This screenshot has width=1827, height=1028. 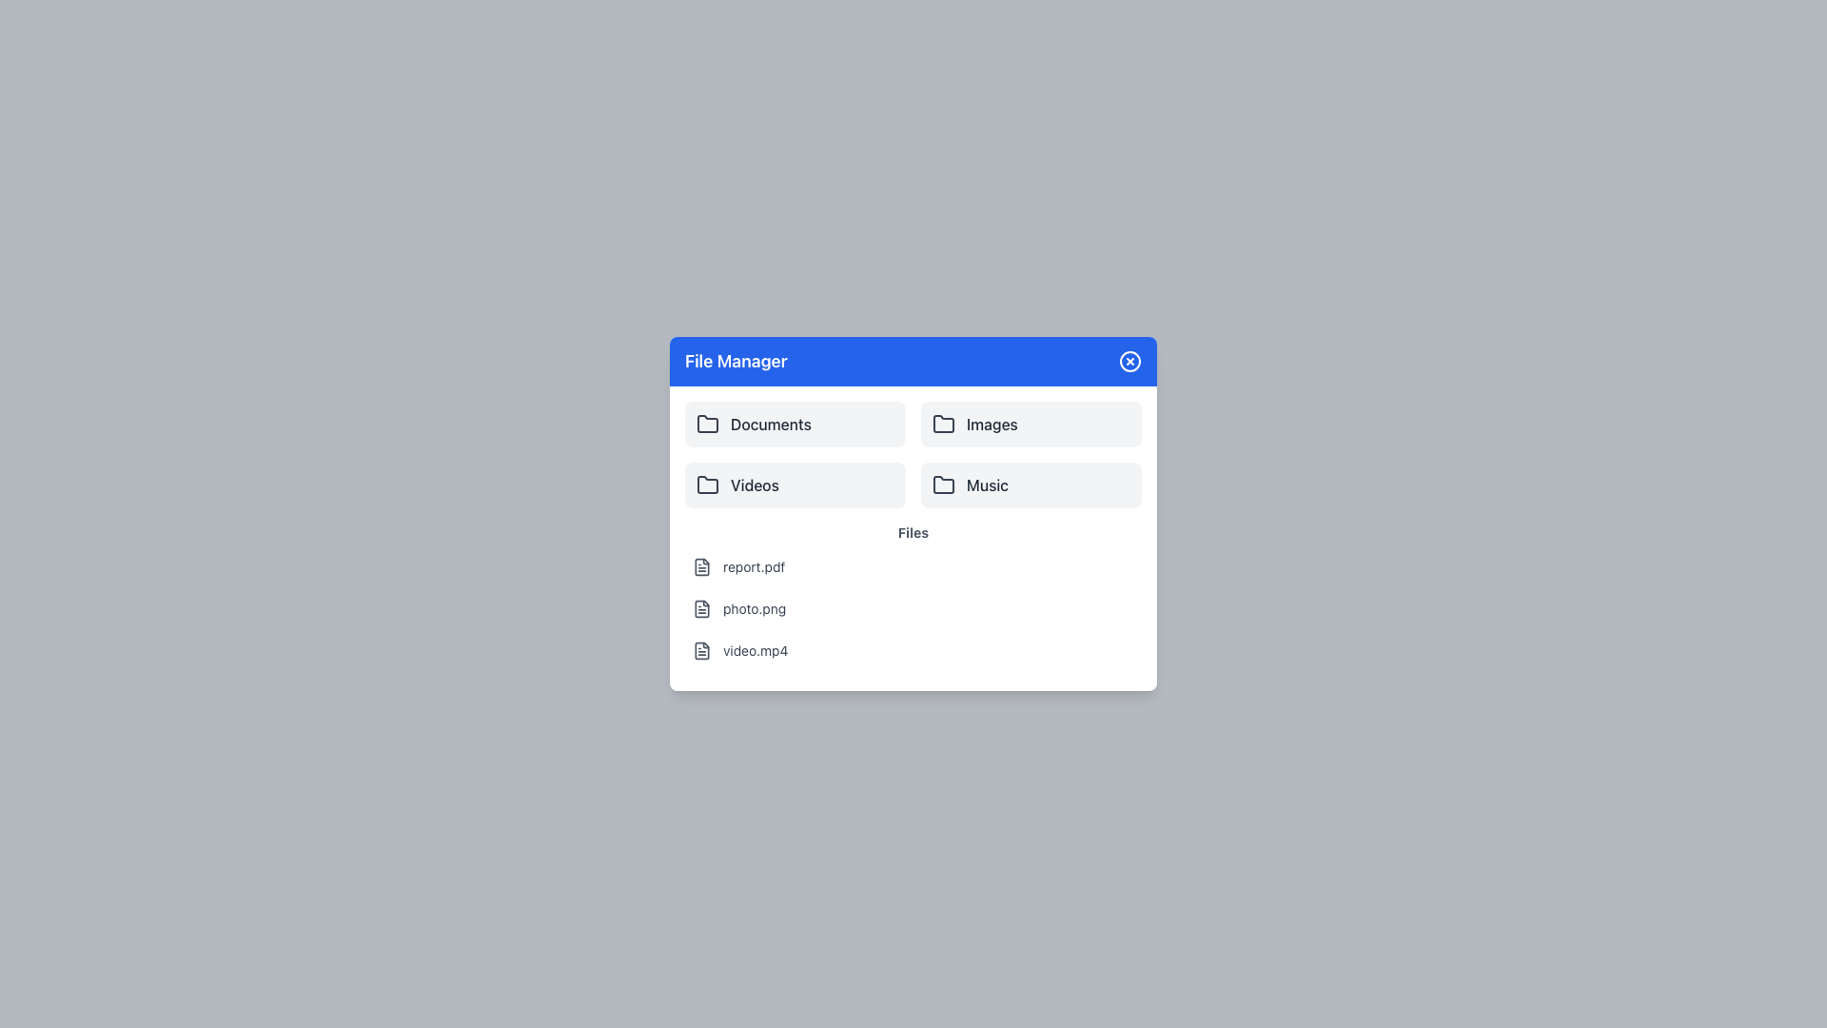 I want to click on the 'Videos' button in the File Manager interface, so click(x=795, y=484).